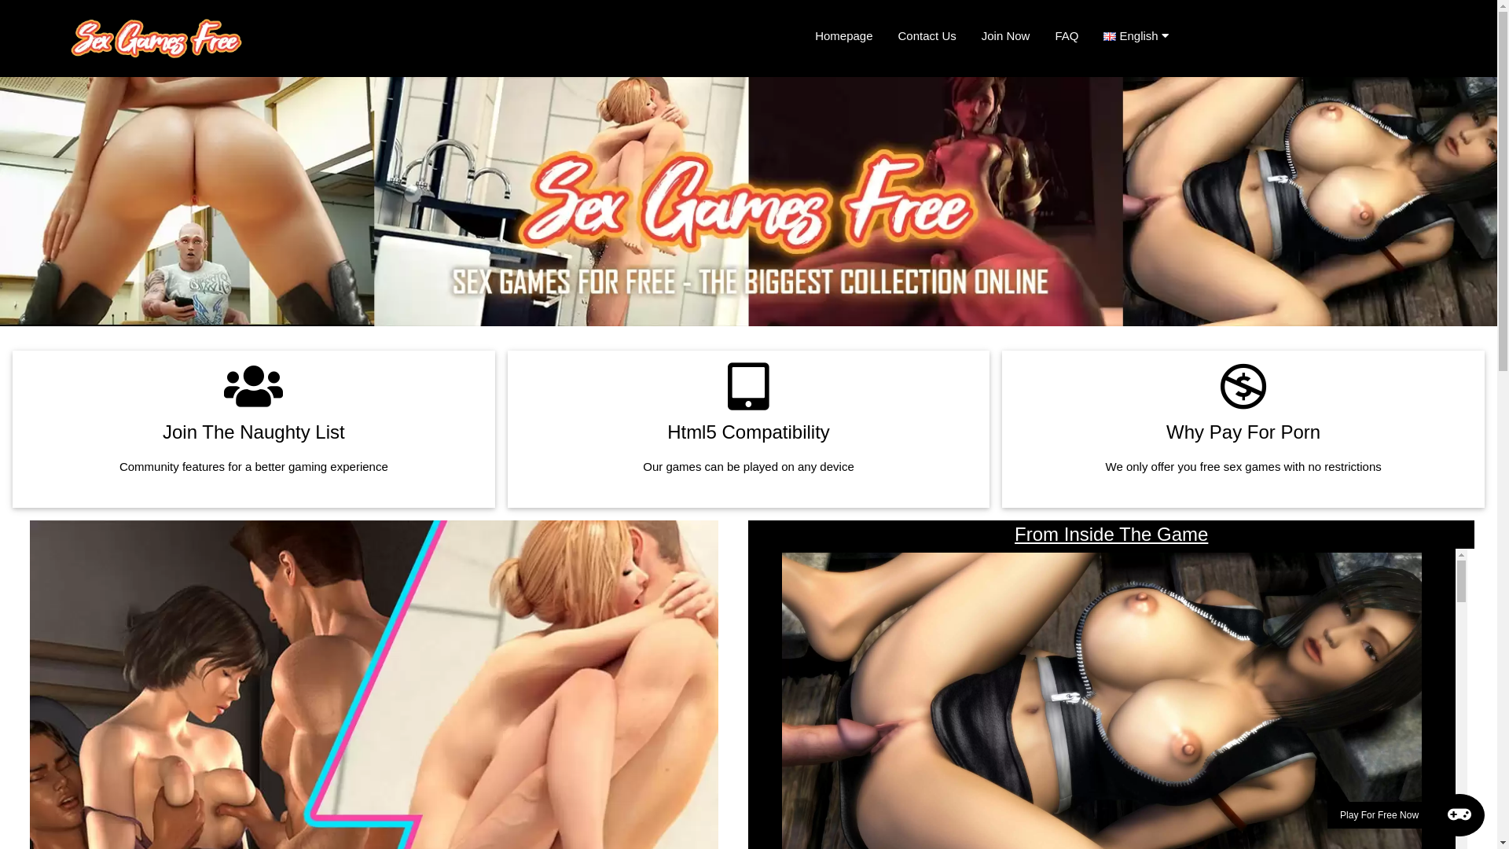 The width and height of the screenshot is (1509, 849). I want to click on 'Play For Free Now', so click(1327, 814).